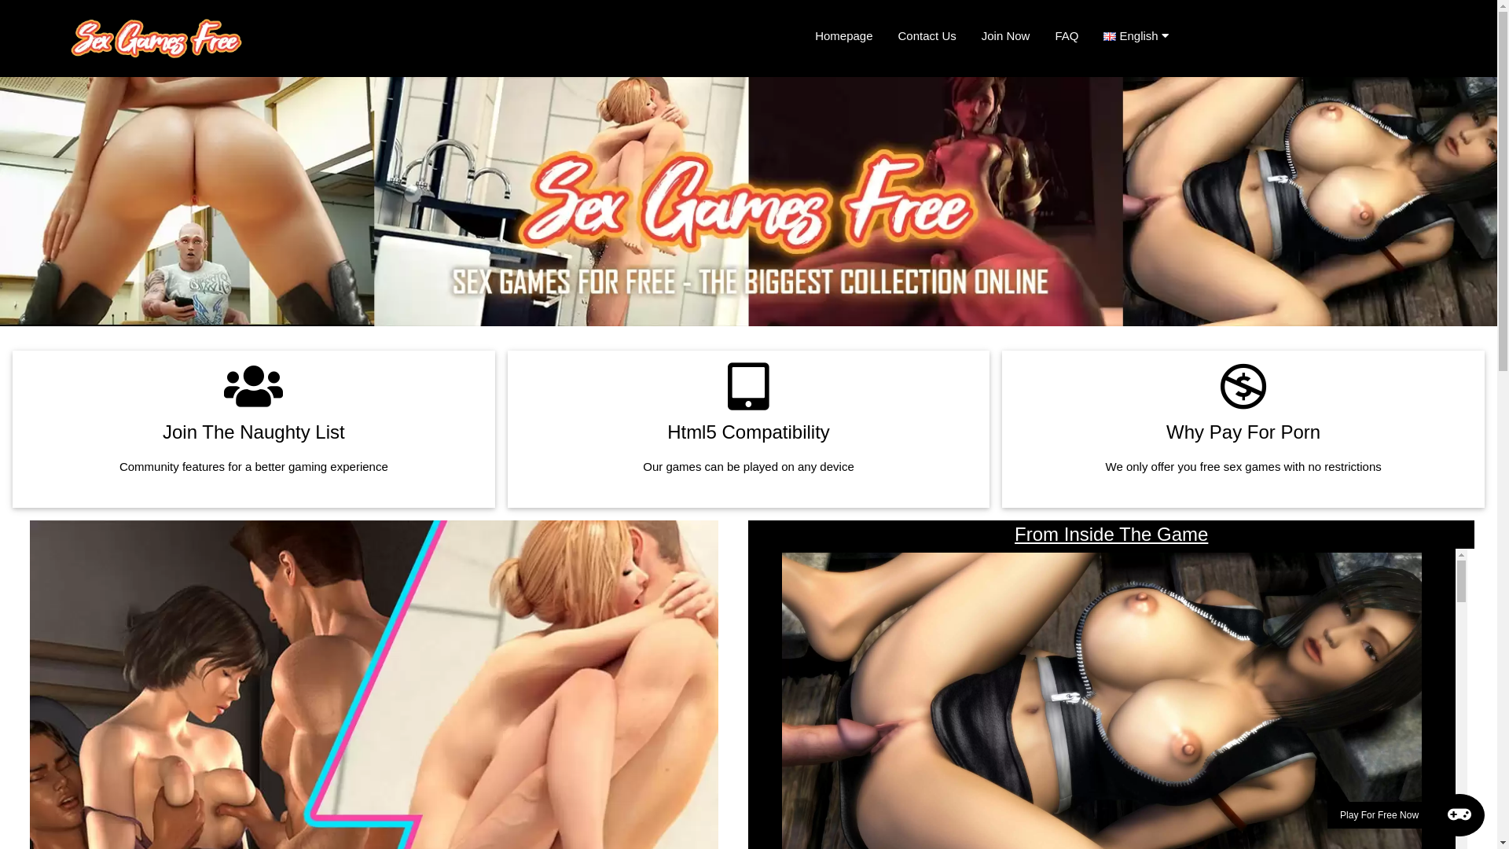 The width and height of the screenshot is (1509, 849). I want to click on 'Play For Free Now', so click(1327, 814).